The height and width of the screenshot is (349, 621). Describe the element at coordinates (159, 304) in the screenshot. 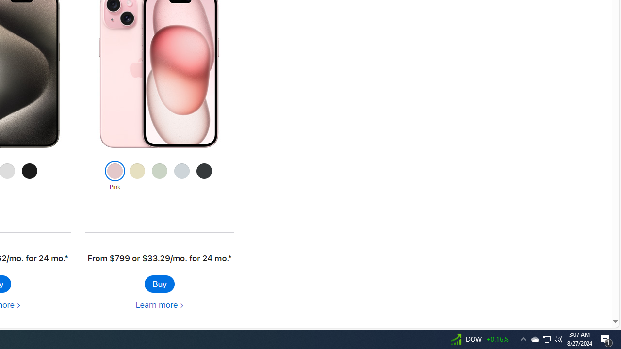

I see `'Learn more about iPhone 15'` at that location.